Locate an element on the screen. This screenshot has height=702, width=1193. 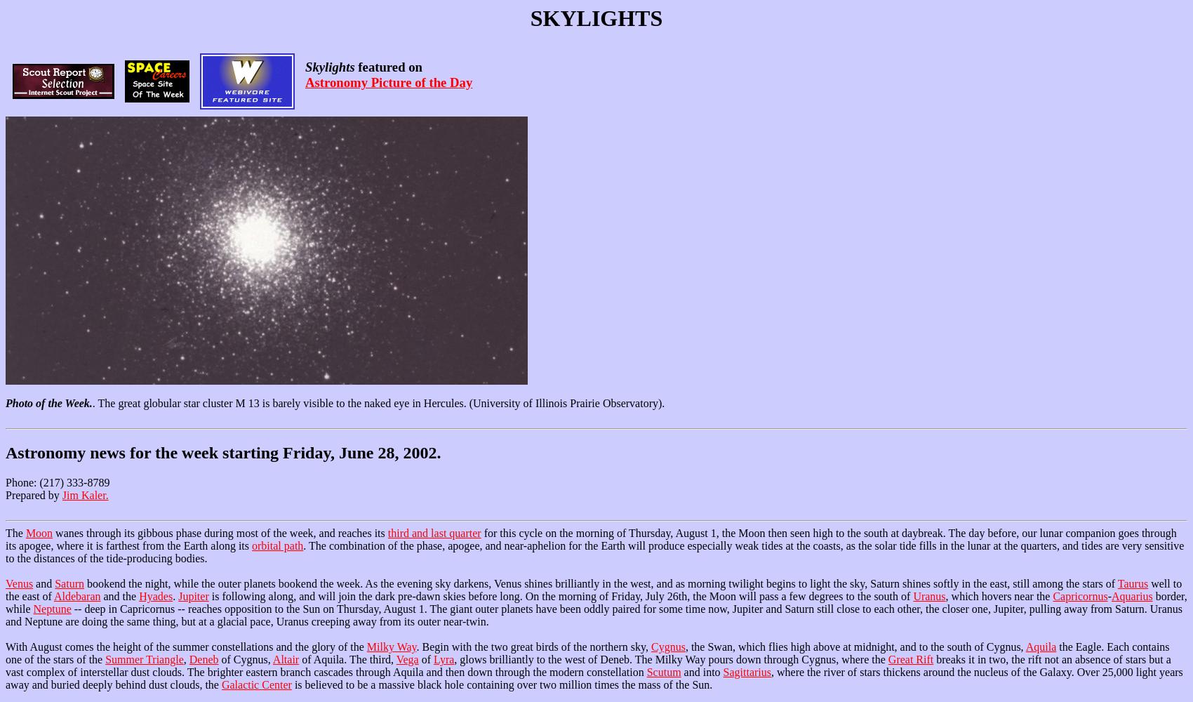
'of Aquila.  The third,' is located at coordinates (299, 658).